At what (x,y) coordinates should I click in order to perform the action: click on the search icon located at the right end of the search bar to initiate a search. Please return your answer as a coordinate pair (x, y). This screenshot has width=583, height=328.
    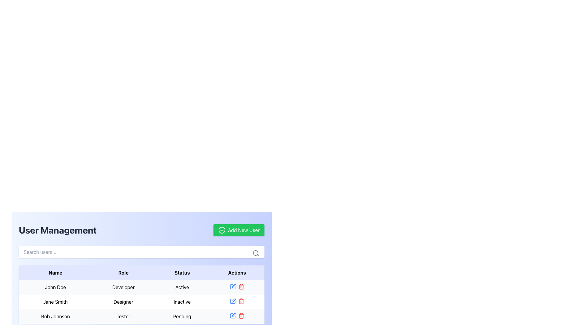
    Looking at the image, I should click on (256, 253).